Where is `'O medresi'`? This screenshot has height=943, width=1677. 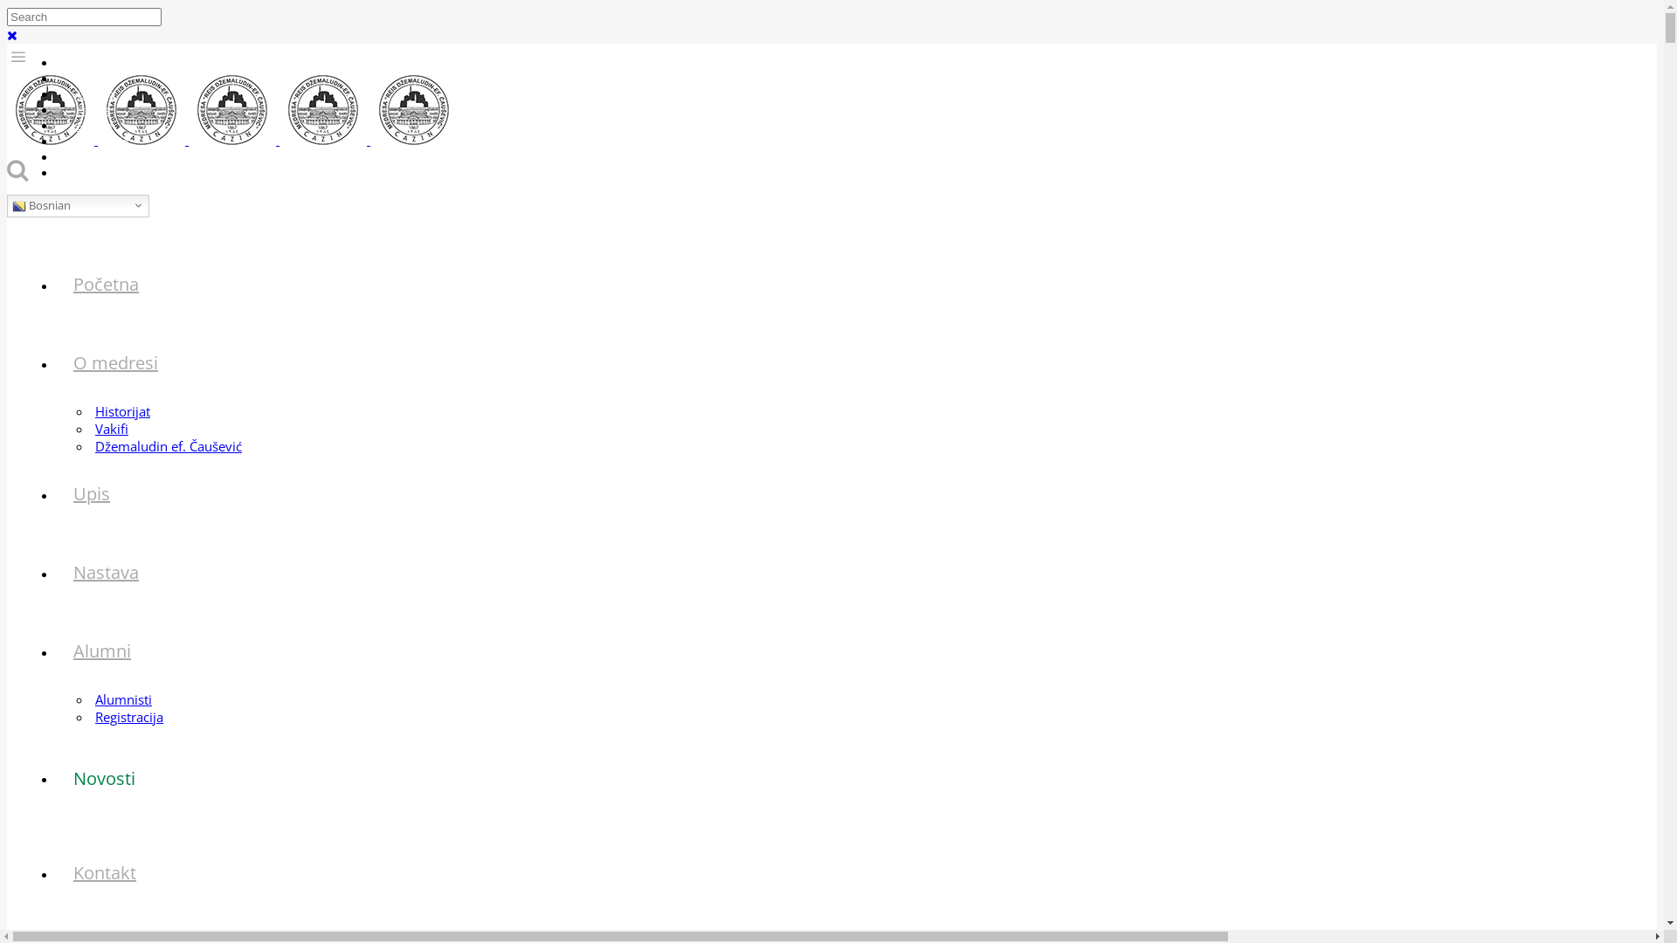 'O medresi' is located at coordinates (114, 361).